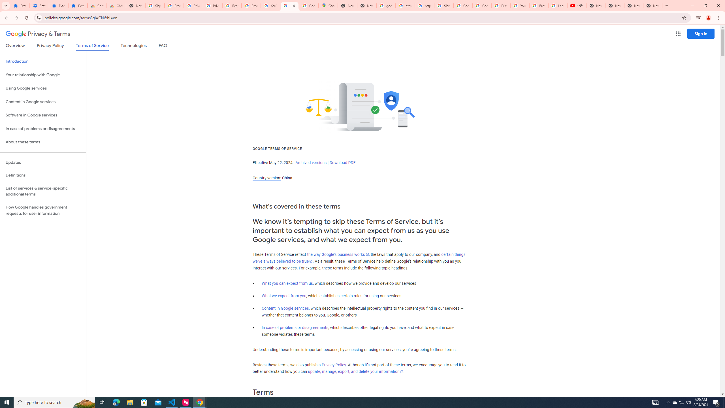  Describe the element at coordinates (116, 5) in the screenshot. I see `'Chrome Web Store - Themes'` at that location.